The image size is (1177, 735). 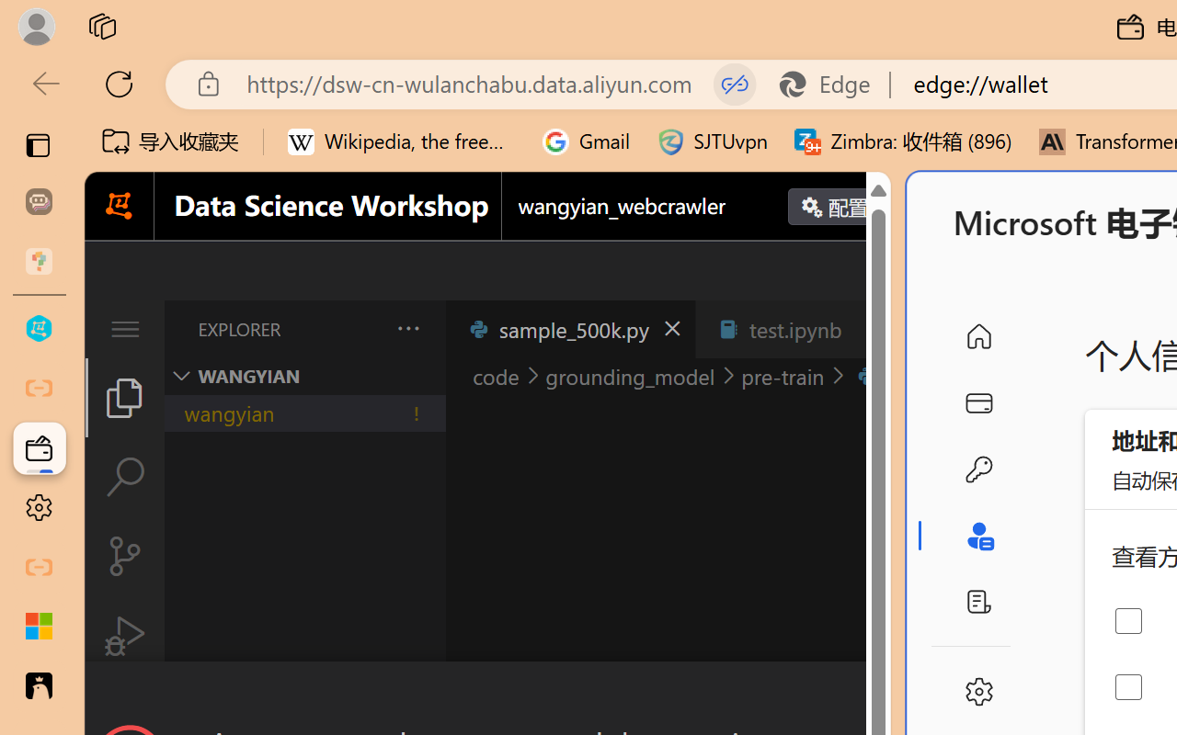 I want to click on 'Close Dialog', so click(x=883, y=695).